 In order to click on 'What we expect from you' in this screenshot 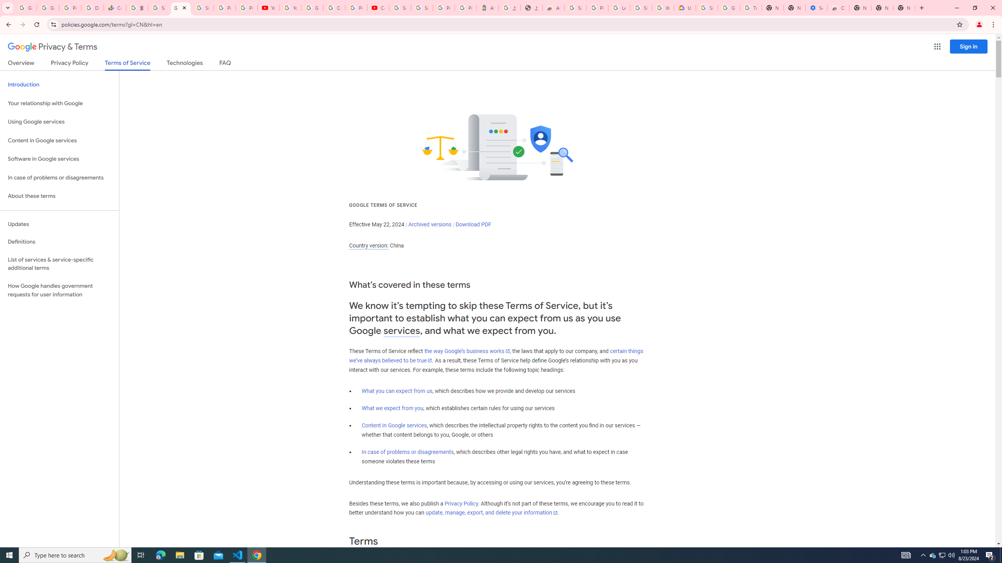, I will do `click(392, 408)`.